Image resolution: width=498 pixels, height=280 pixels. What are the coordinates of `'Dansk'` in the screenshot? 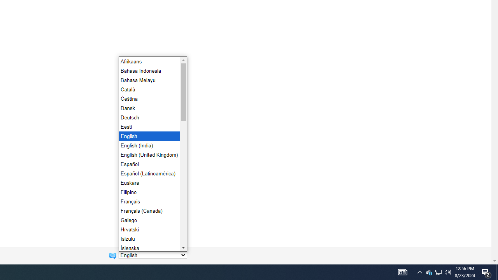 It's located at (149, 108).